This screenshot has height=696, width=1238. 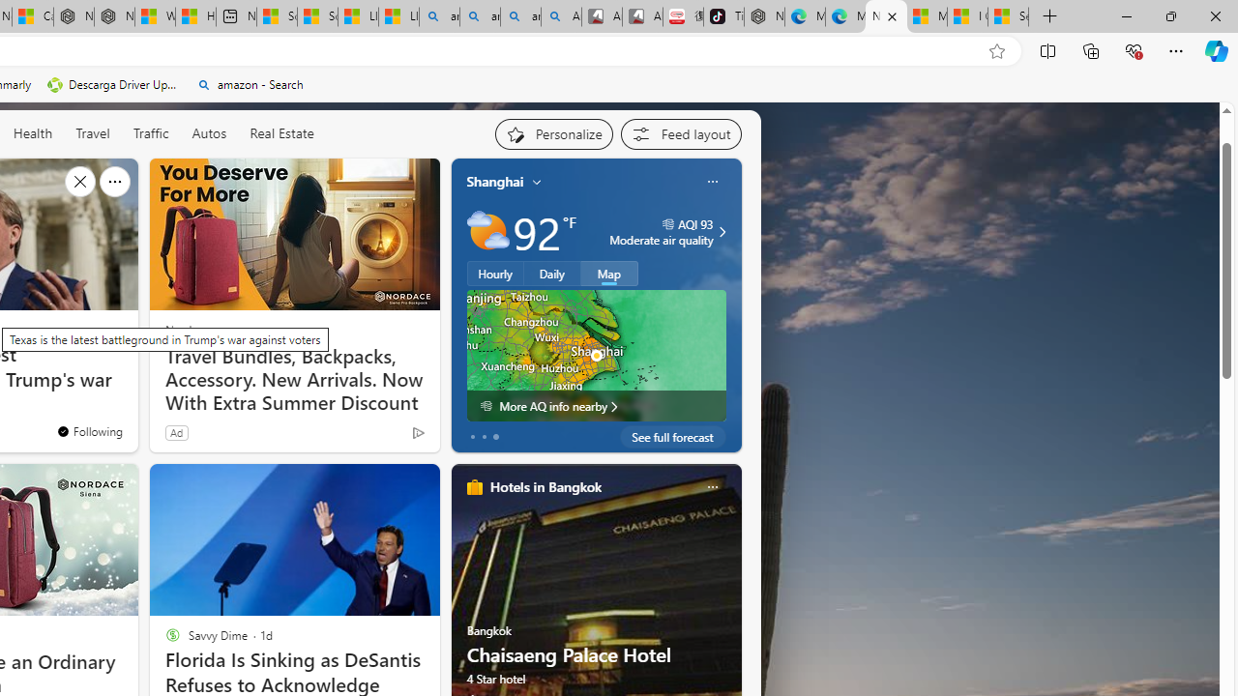 I want to click on 'See full forecast', so click(x=672, y=436).